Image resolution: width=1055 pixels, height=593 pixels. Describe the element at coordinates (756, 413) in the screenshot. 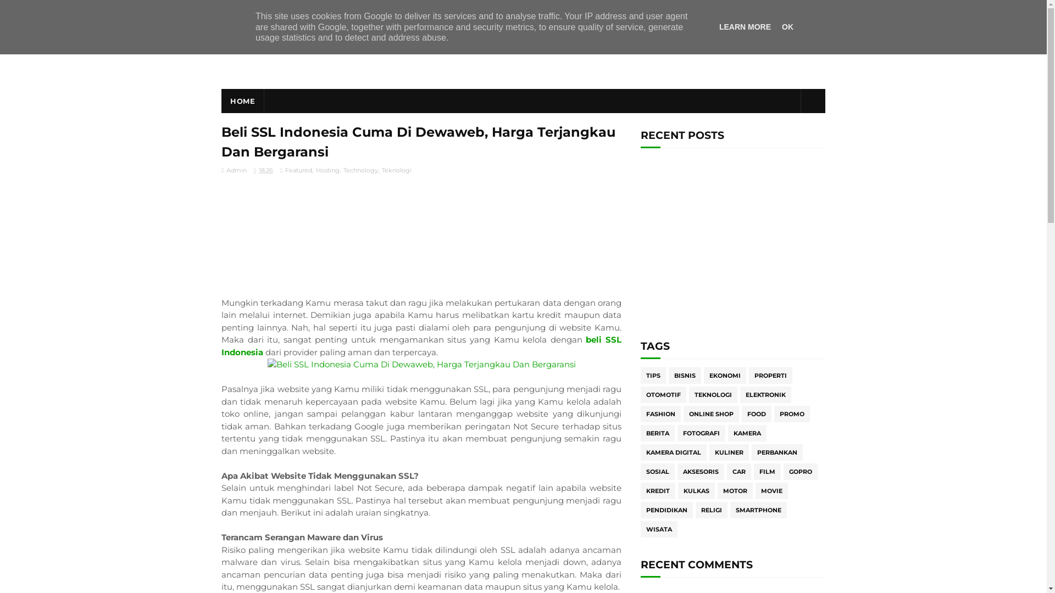

I see `'FOOD'` at that location.